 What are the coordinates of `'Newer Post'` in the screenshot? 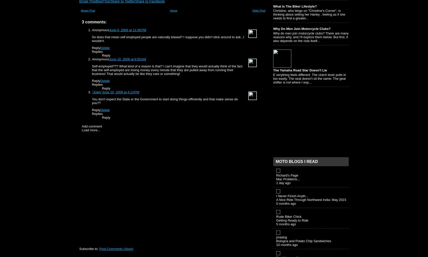 It's located at (88, 11).